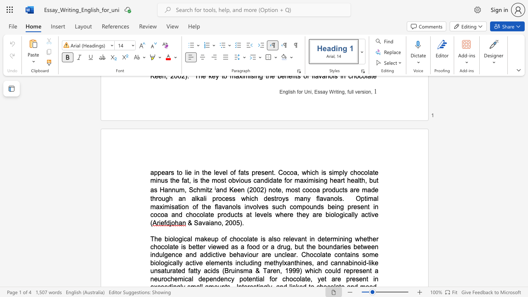 The height and width of the screenshot is (297, 528). What do you see at coordinates (197, 271) in the screenshot?
I see `the subset text "y a" within the text "some biologically active elements including methylxanthines, and cannabinoid-like unsaturated fatty acids (Bruinsma & Taren, 1999) which could"` at bounding box center [197, 271].